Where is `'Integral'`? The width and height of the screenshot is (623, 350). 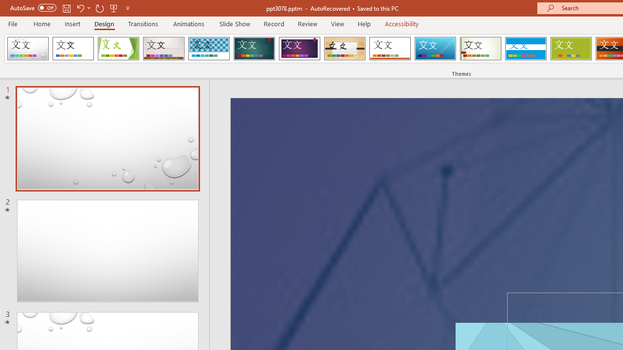 'Integral' is located at coordinates (208, 49).